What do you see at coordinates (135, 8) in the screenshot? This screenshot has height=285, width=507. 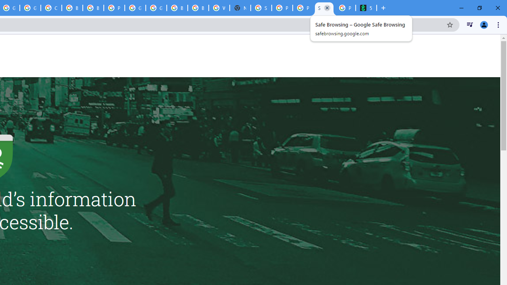 I see `'Google Cloud Platform'` at bounding box center [135, 8].